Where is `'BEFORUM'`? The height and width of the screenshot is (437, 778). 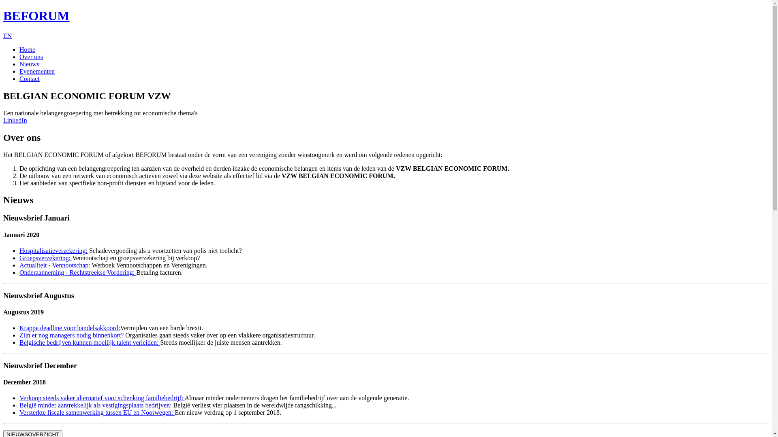
'BEFORUM' is located at coordinates (3, 15).